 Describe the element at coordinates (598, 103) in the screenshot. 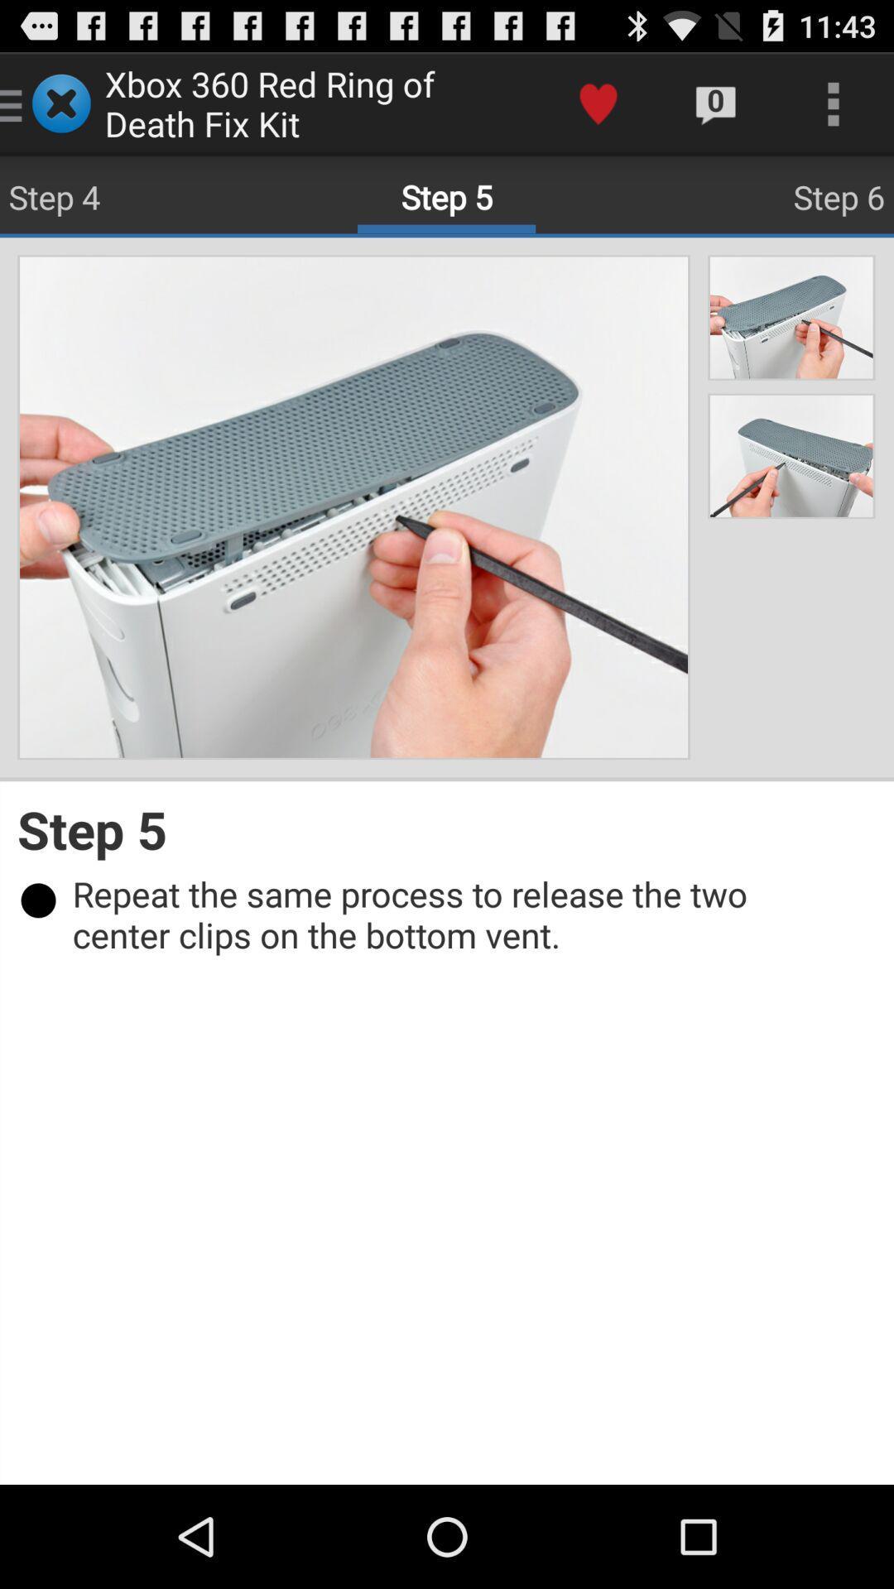

I see `the item next to the xbox 360 red icon` at that location.